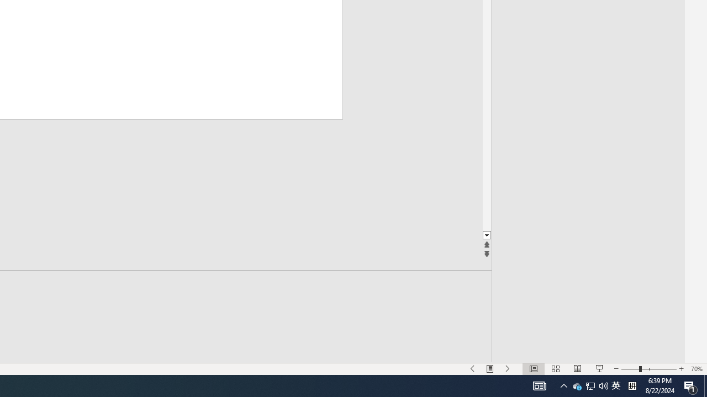 Image resolution: width=707 pixels, height=397 pixels. What do you see at coordinates (507, 369) in the screenshot?
I see `'Slide Show Next On'` at bounding box center [507, 369].